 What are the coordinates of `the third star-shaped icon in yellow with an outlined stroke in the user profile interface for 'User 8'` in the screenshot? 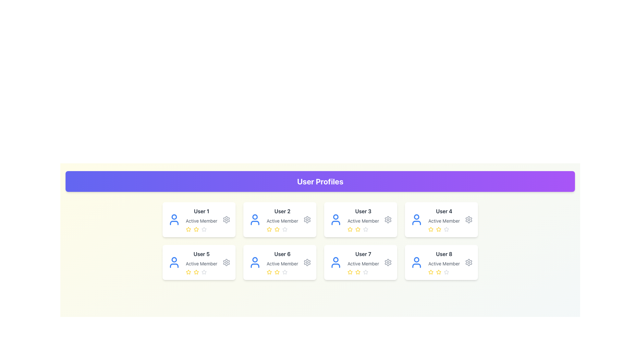 It's located at (439, 272).